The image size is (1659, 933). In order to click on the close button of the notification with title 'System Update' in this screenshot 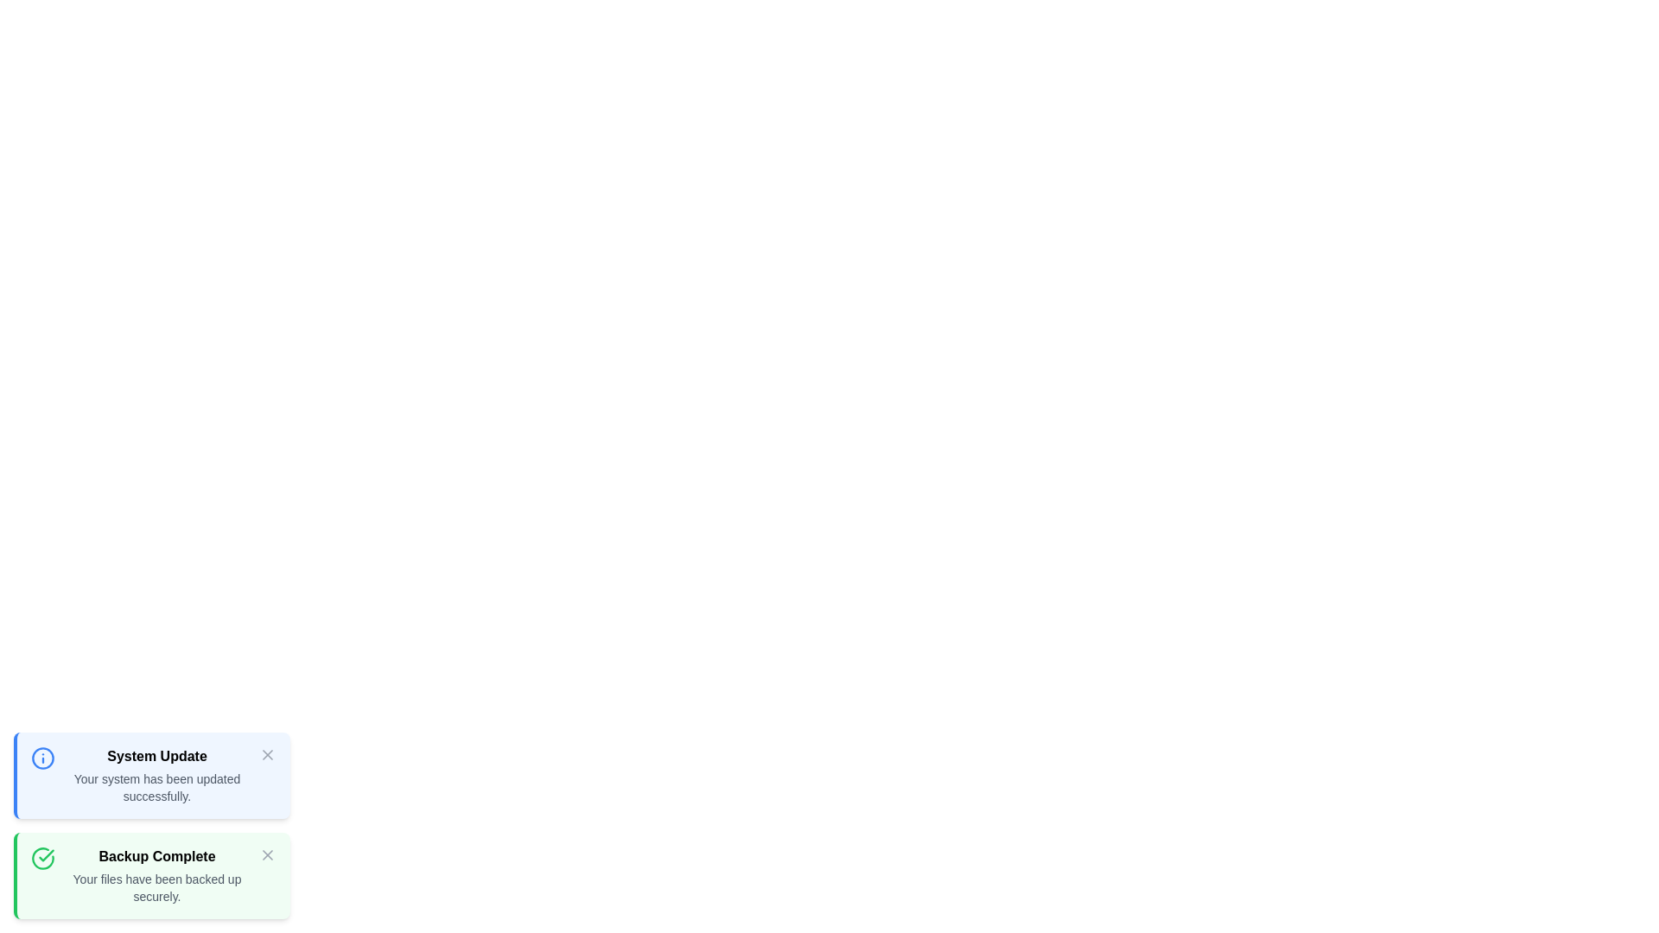, I will do `click(267, 754)`.